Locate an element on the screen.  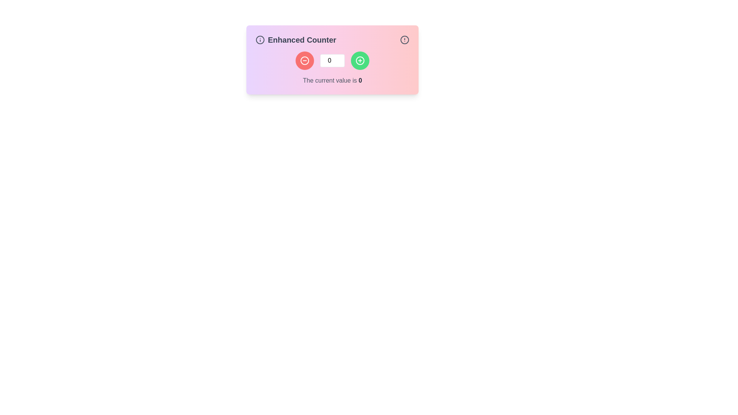
the text label that displays the current value of the counter, located below the number input and buttons in the enhanced counter's component box is located at coordinates (332, 68).